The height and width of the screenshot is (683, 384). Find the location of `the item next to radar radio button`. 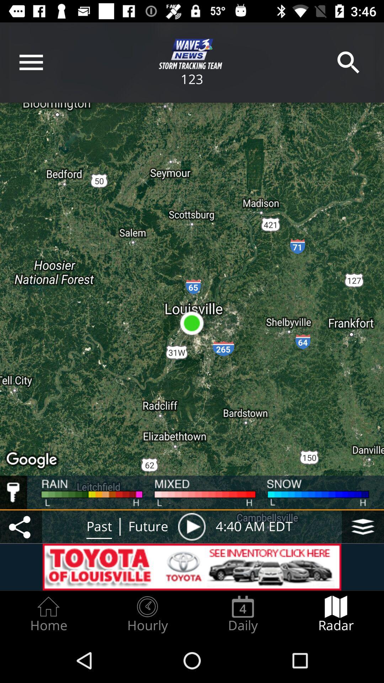

the item next to radar radio button is located at coordinates (242, 614).